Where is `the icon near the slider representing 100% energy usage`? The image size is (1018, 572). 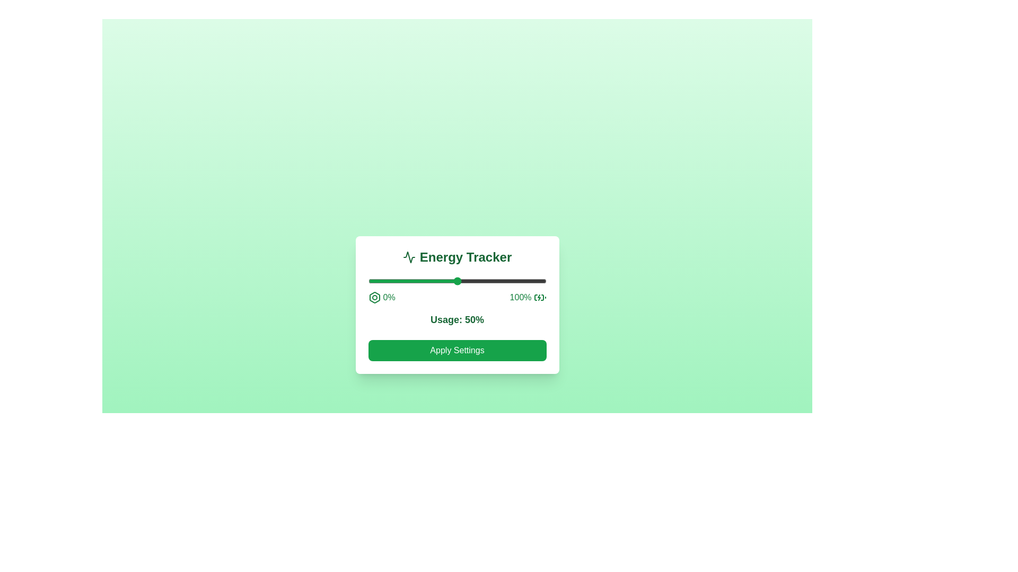
the icon near the slider representing 100% energy usage is located at coordinates (540, 298).